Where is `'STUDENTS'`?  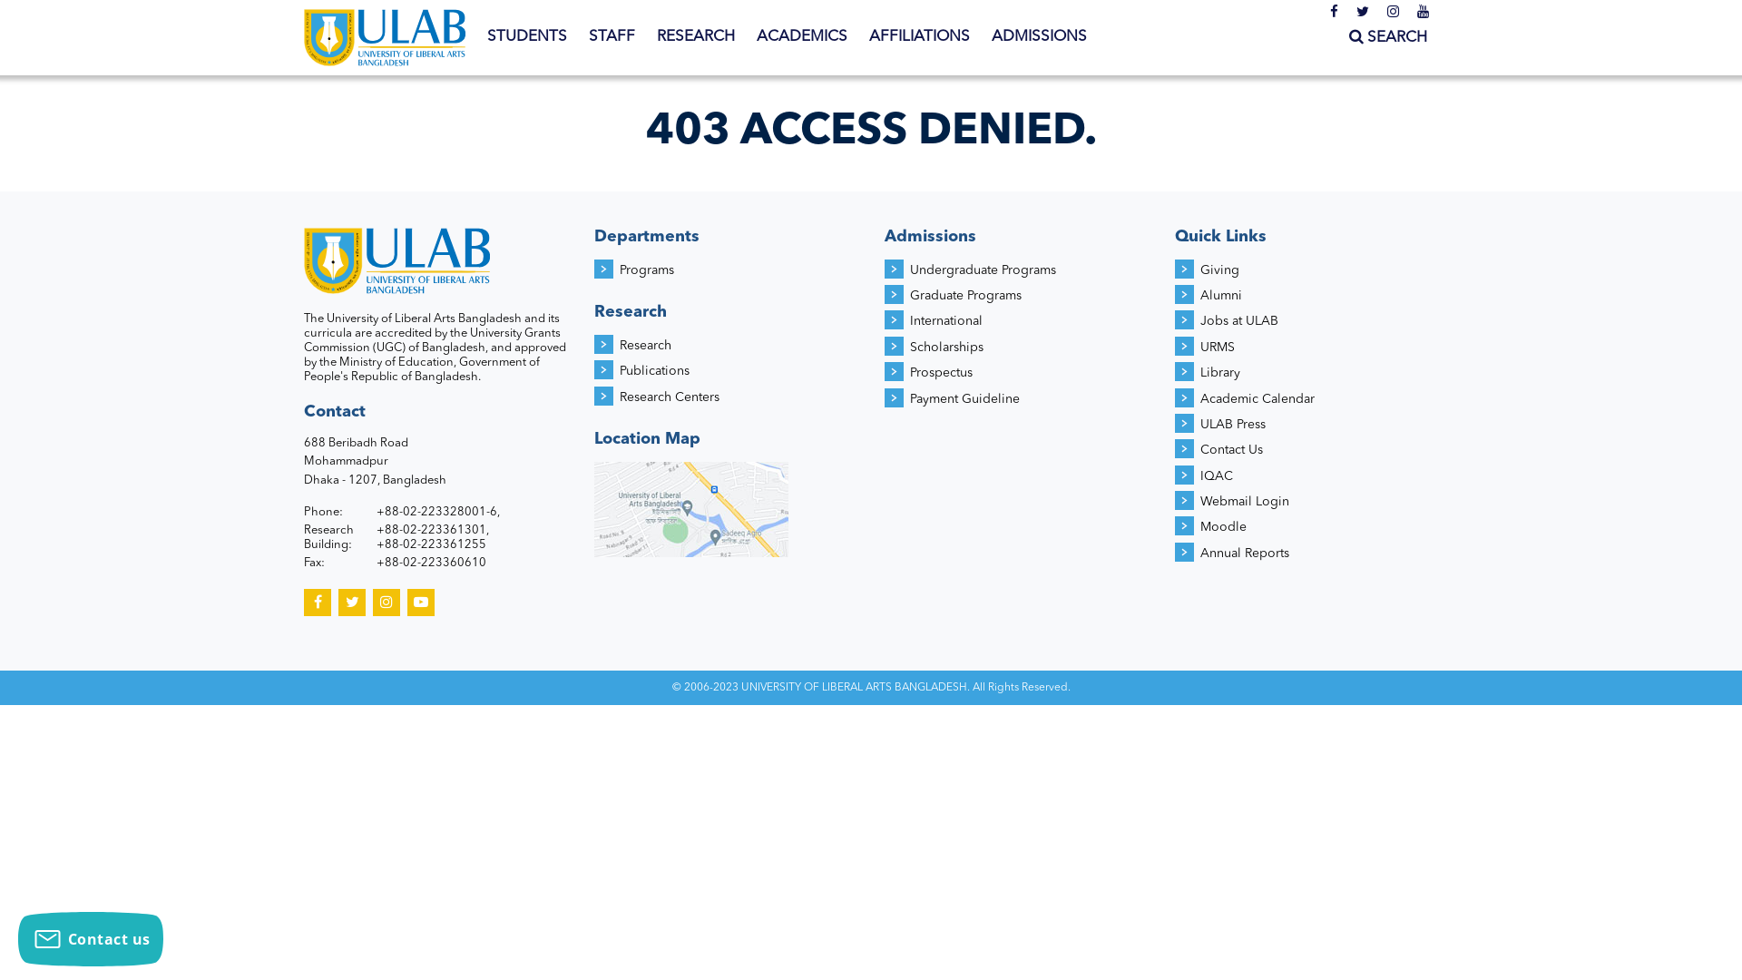 'STUDENTS' is located at coordinates (525, 37).